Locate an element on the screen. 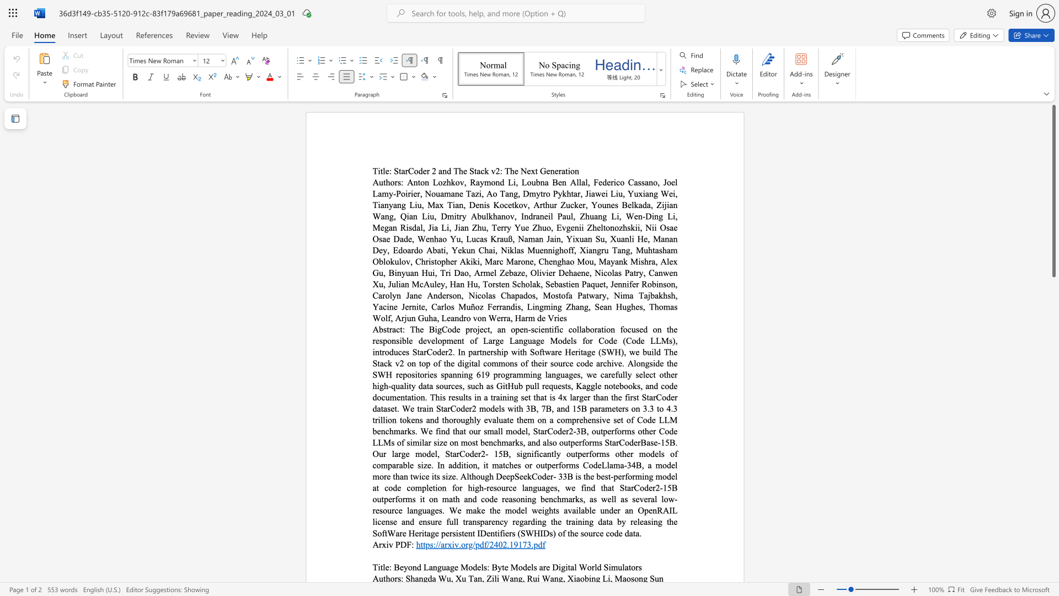  the subset text "e N" within the text "StarCoder 2 and The Stack v2: The Next Generation" is located at coordinates (514, 171).